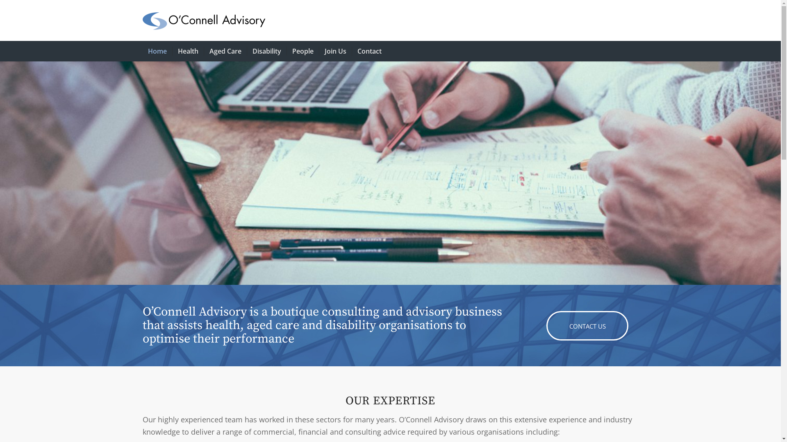  I want to click on 'People', so click(302, 51).